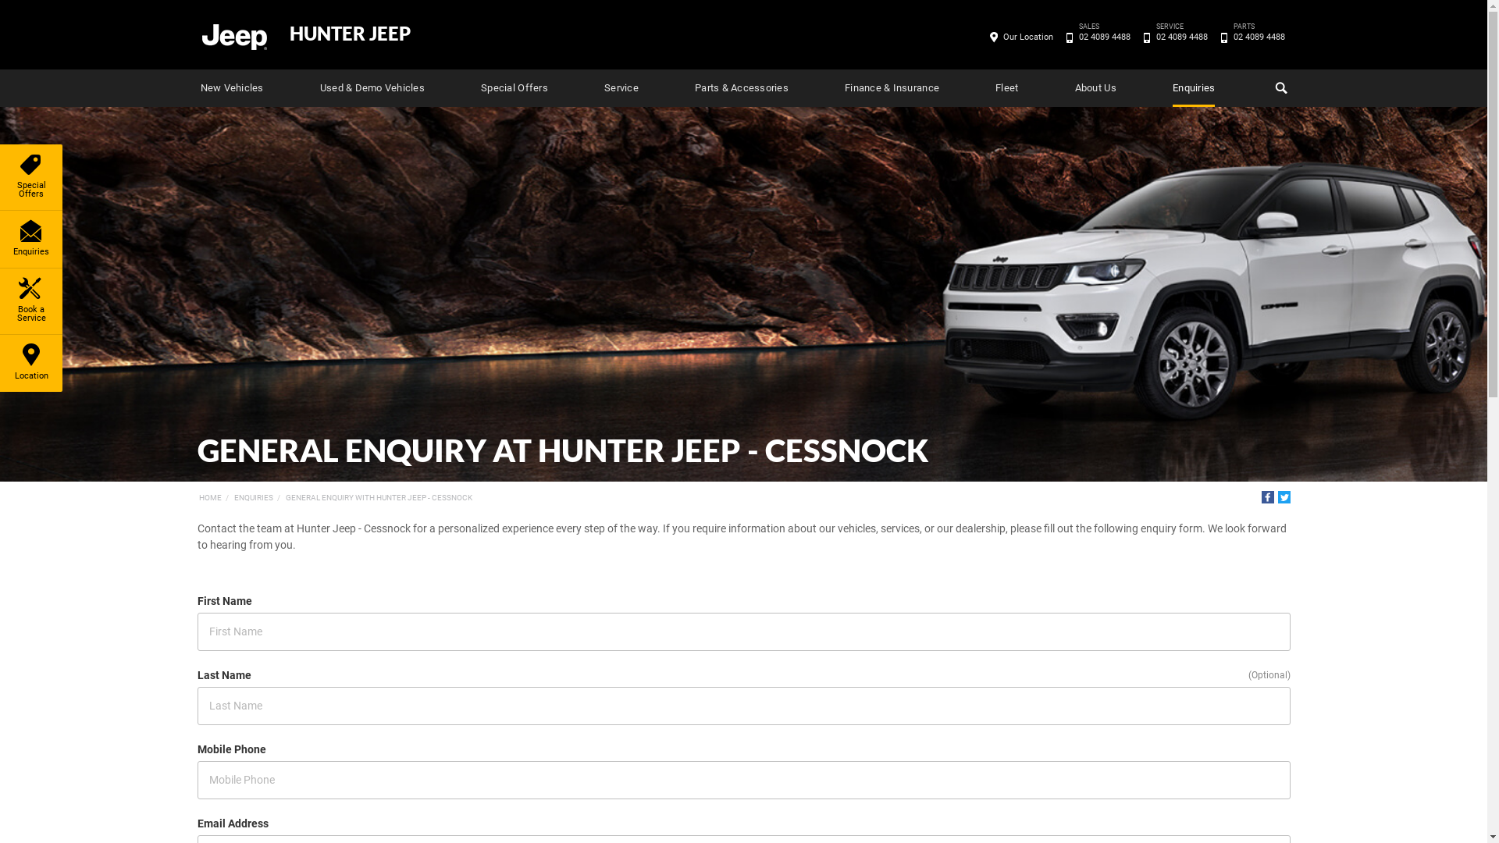 Image resolution: width=1499 pixels, height=843 pixels. I want to click on 'Location', so click(30, 363).